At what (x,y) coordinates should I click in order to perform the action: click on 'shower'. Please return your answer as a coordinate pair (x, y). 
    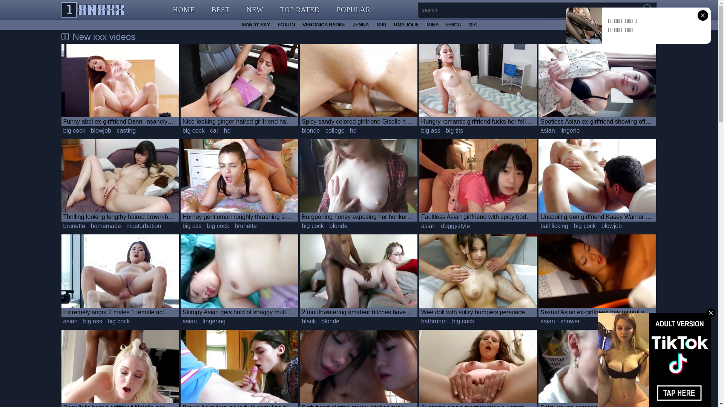
    Looking at the image, I should click on (570, 321).